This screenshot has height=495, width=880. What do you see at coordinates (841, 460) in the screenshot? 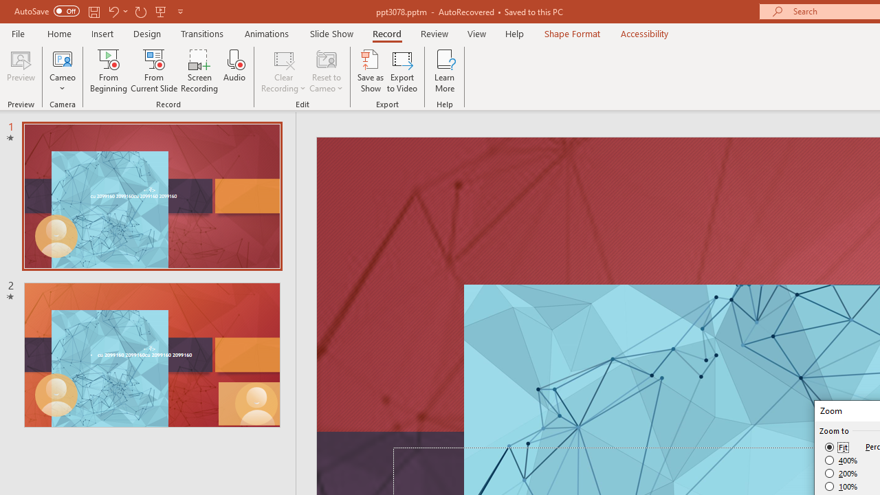
I see `'400%'` at bounding box center [841, 460].